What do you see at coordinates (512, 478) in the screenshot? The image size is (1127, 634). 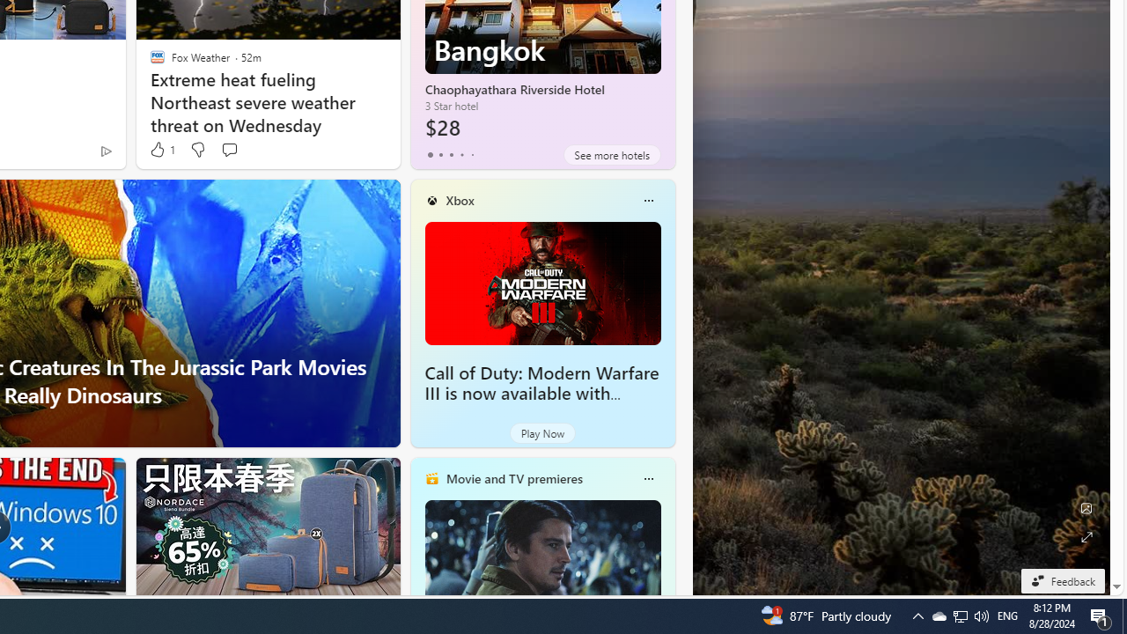 I see `'Movie and TV premieres'` at bounding box center [512, 478].